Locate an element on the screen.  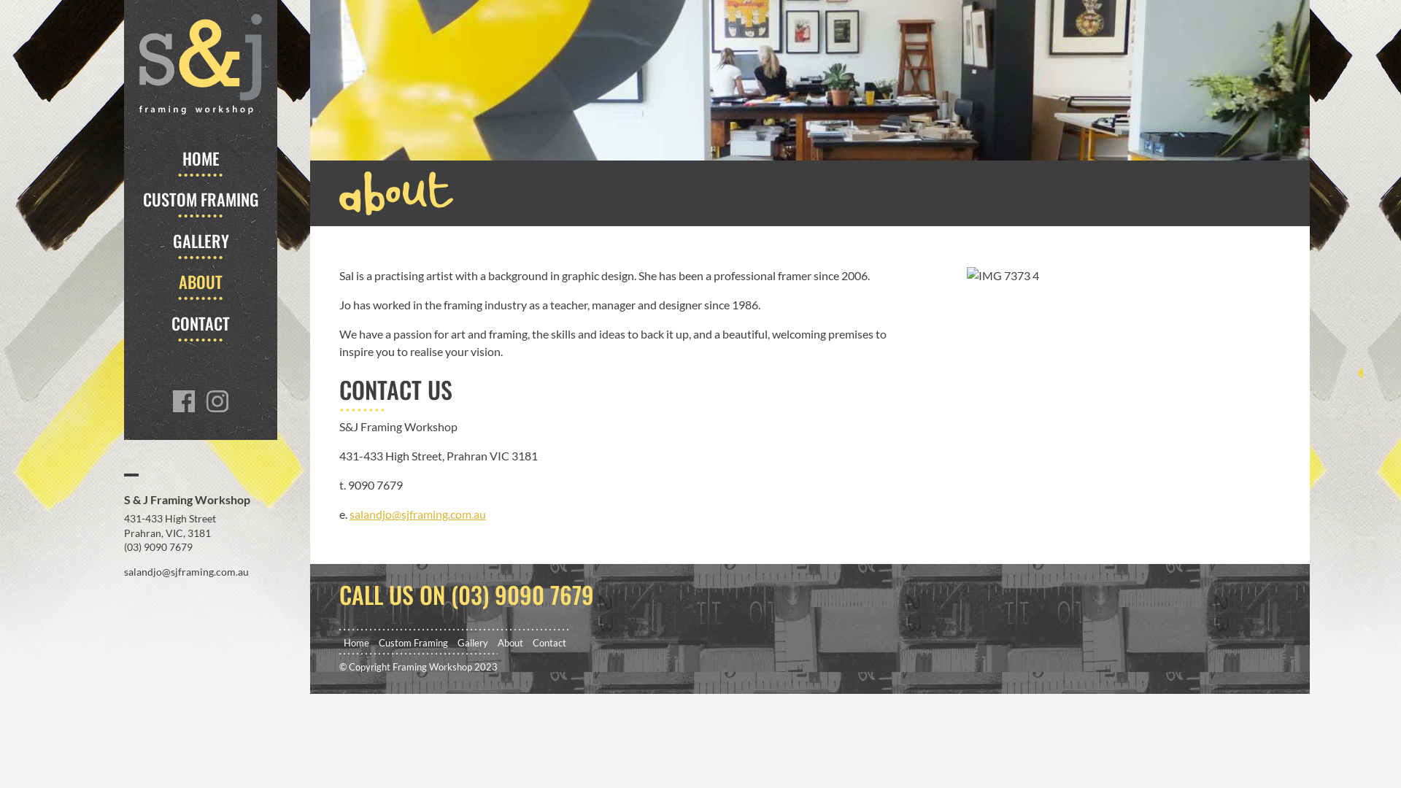
'CONTACT' is located at coordinates (199, 322).